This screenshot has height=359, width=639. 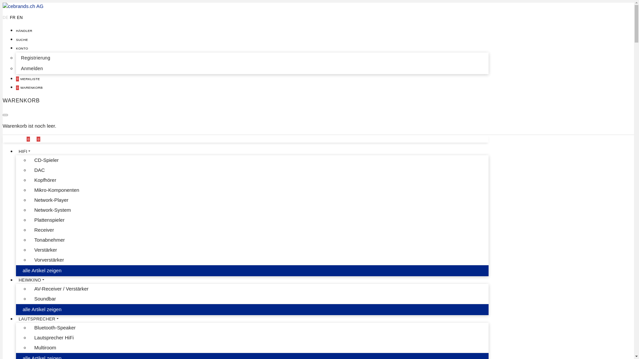 What do you see at coordinates (27, 78) in the screenshot?
I see `'0 MERKLISTE'` at bounding box center [27, 78].